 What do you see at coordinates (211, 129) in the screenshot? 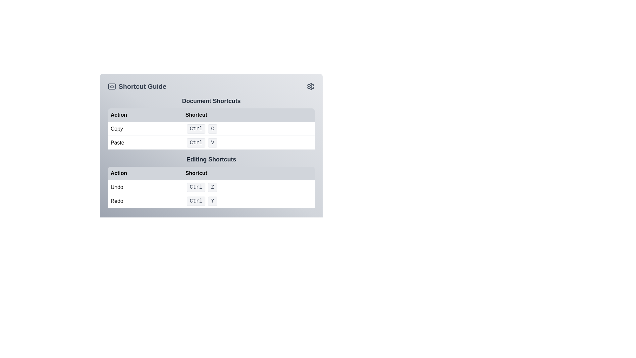
I see `the 'Document Shortcuts' table that displays keyboard shortcuts for 'Copy' and 'Paste' actions using the keyboard` at bounding box center [211, 129].